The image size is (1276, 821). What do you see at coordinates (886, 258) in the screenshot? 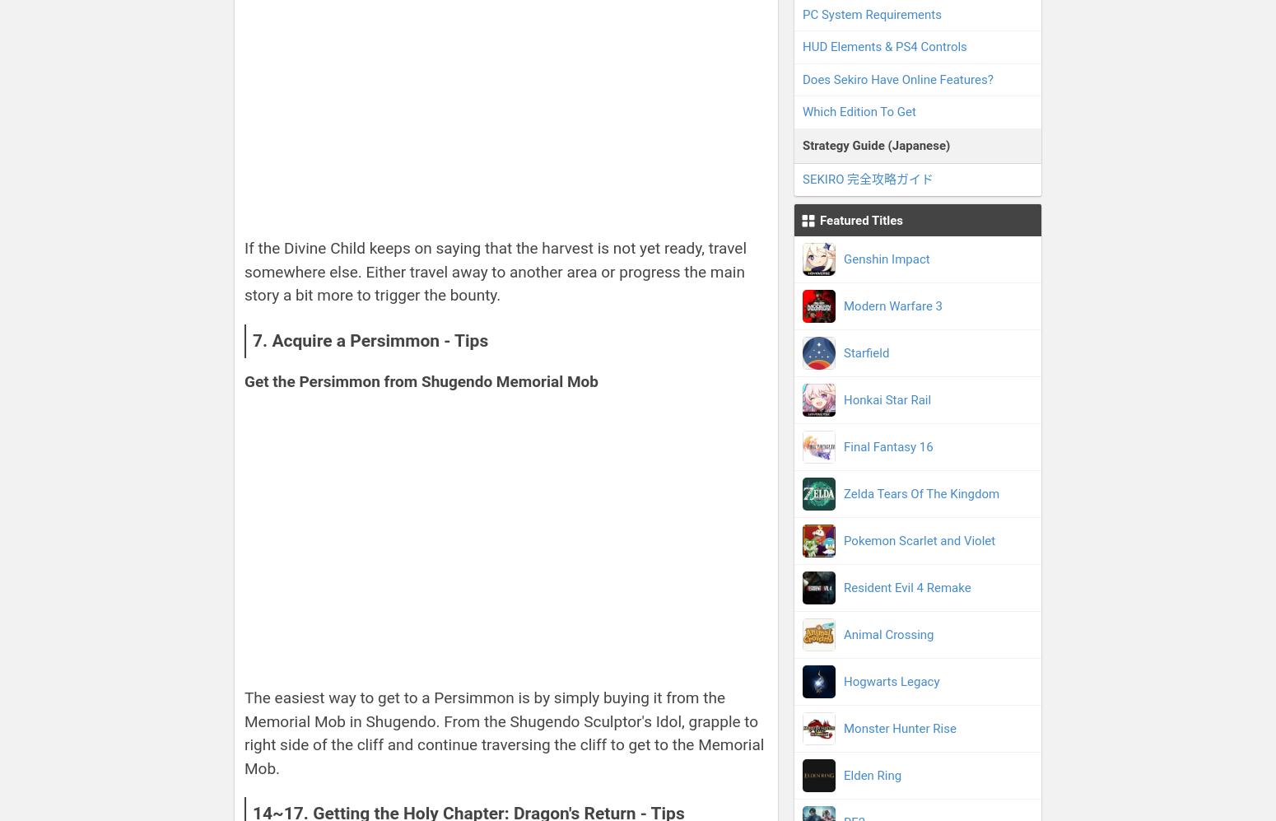
I see `'Genshin Impact'` at bounding box center [886, 258].